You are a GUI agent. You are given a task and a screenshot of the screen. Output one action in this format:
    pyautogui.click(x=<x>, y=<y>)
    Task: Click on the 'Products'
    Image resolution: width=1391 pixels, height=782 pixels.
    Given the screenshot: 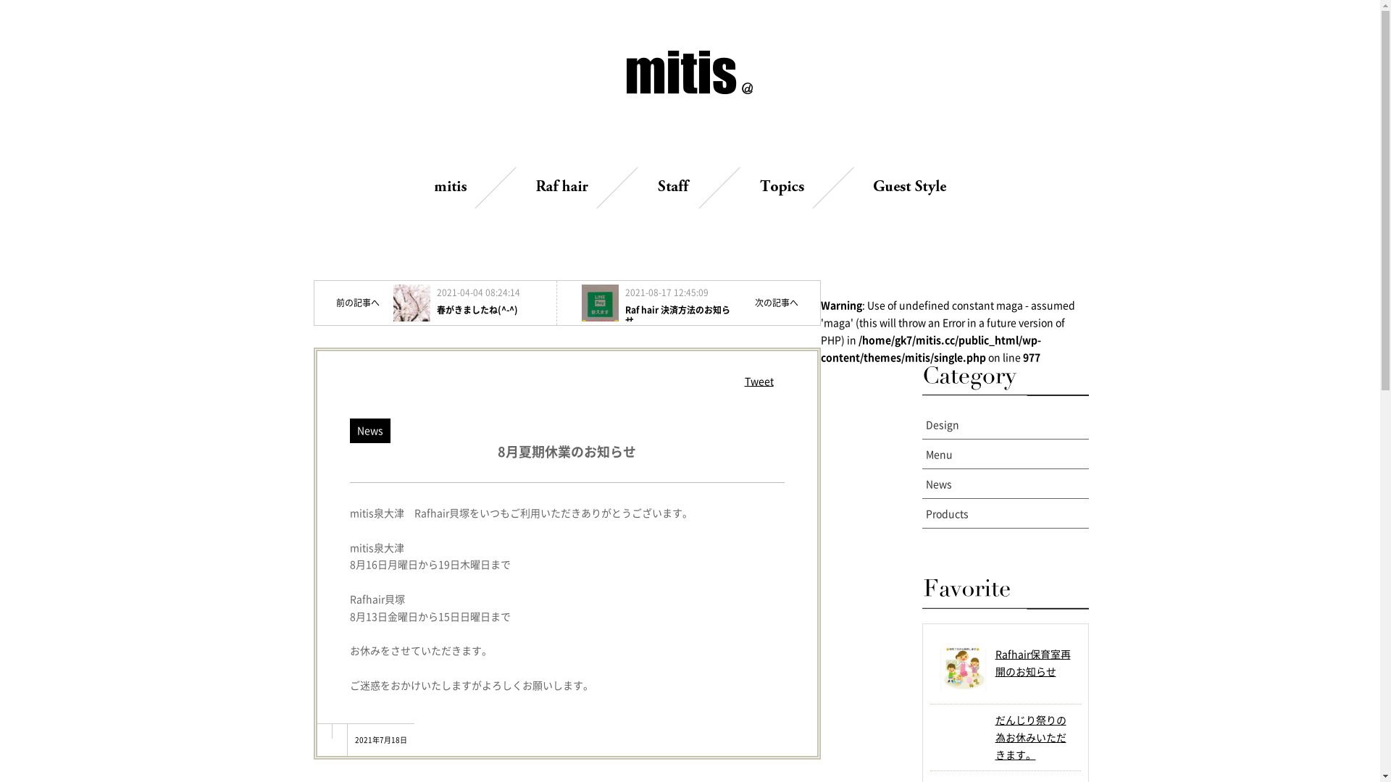 What is the action you would take?
    pyautogui.click(x=1004, y=513)
    